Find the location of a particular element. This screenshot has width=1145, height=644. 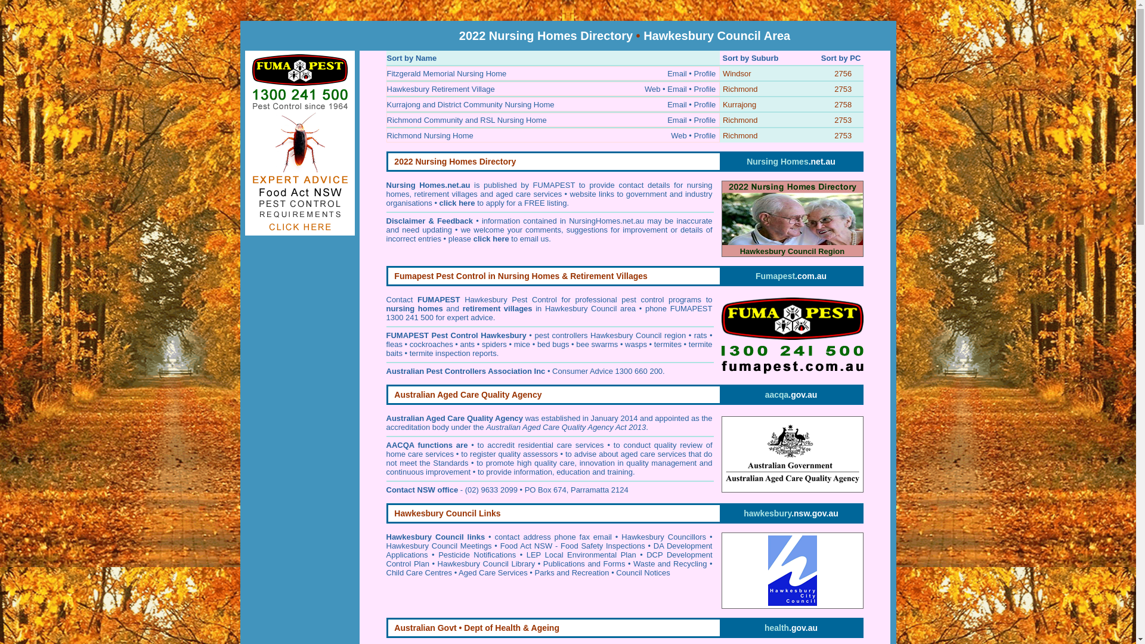

'Kurrajong' is located at coordinates (738, 104).